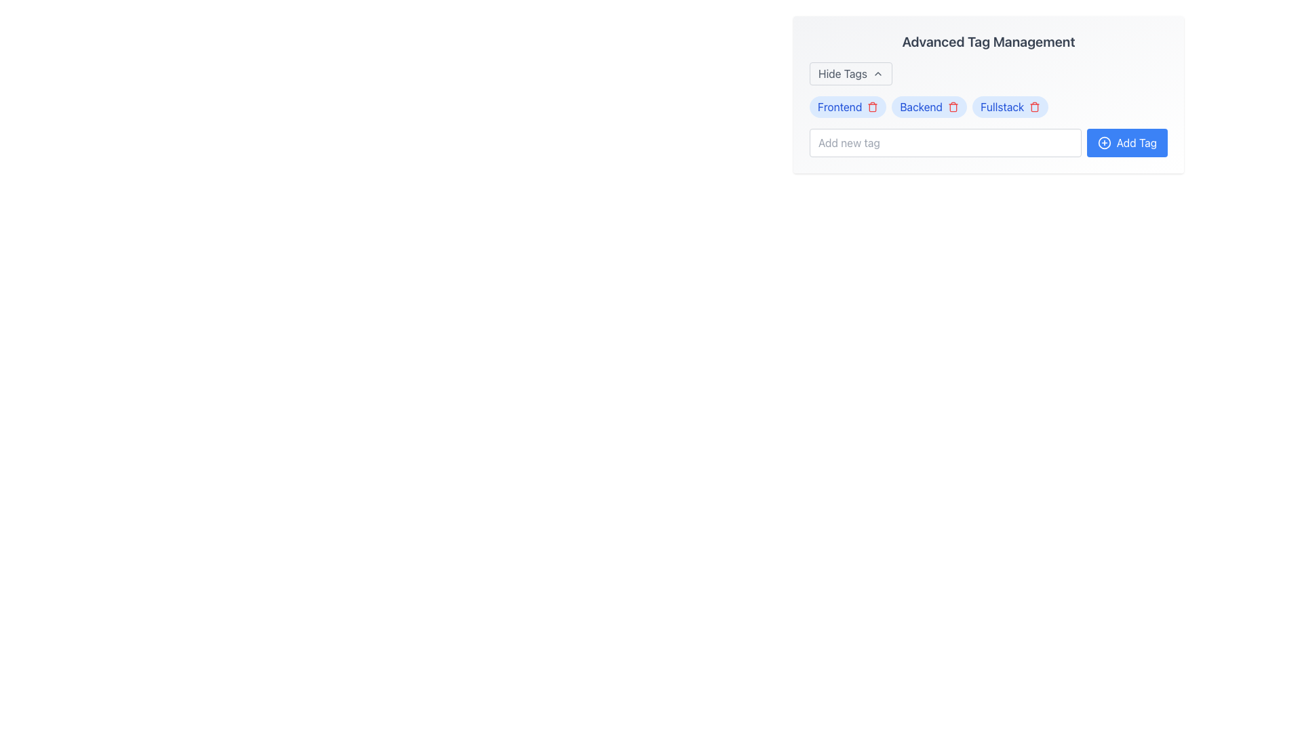 The image size is (1302, 732). I want to click on the 'Fullstack' badge badge with a light blue background and a trash bin icon, so click(1010, 106).